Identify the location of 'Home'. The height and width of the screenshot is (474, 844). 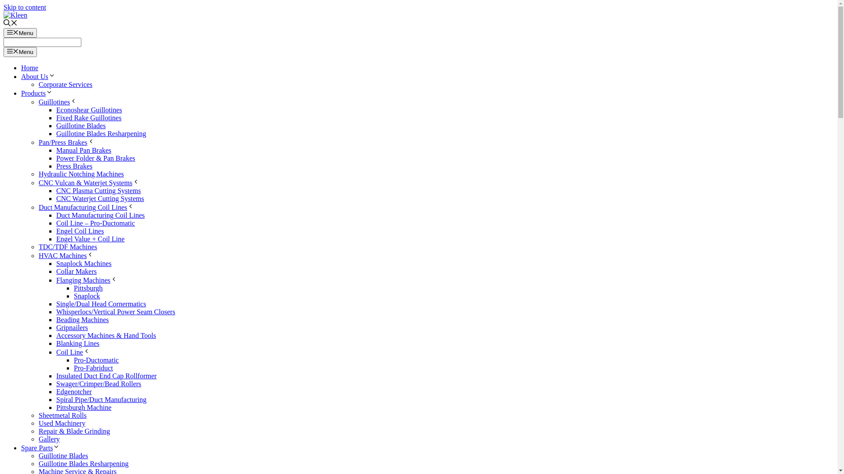
(29, 67).